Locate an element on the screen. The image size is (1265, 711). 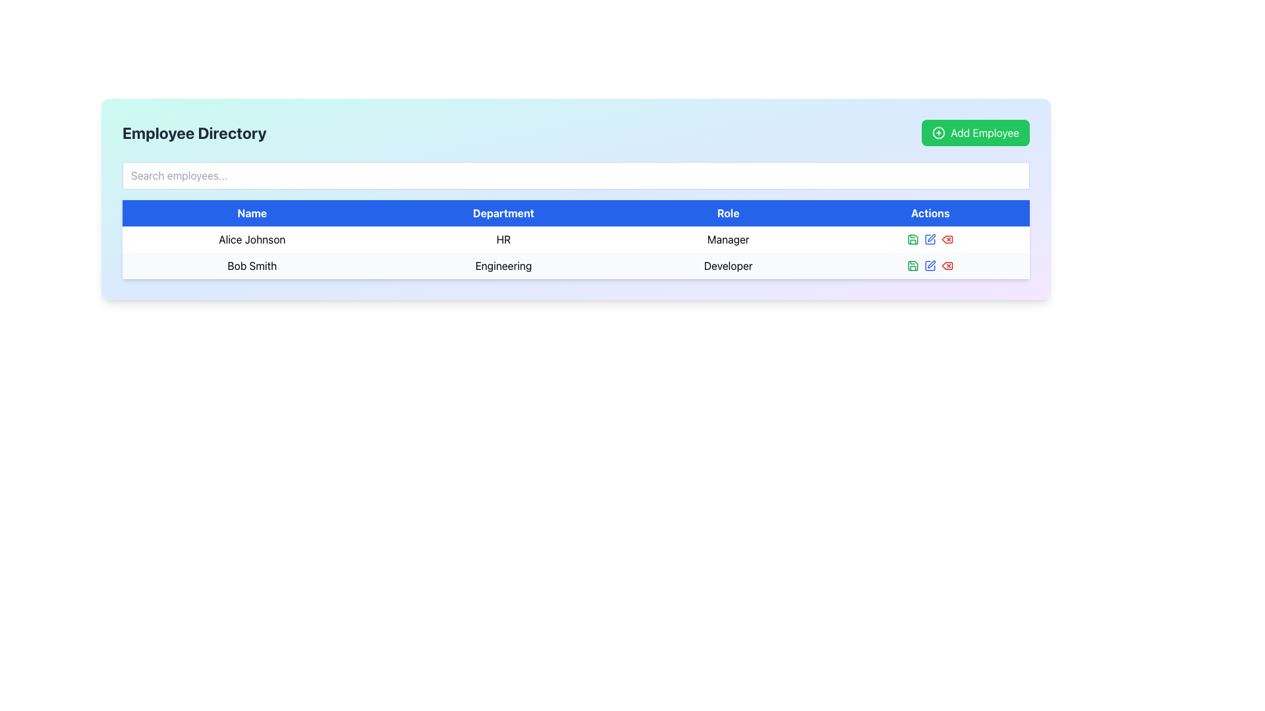
the edit icon button located in the 'Actions' column of the table row corresponding to the 'Manager' role is located at coordinates (930, 239).